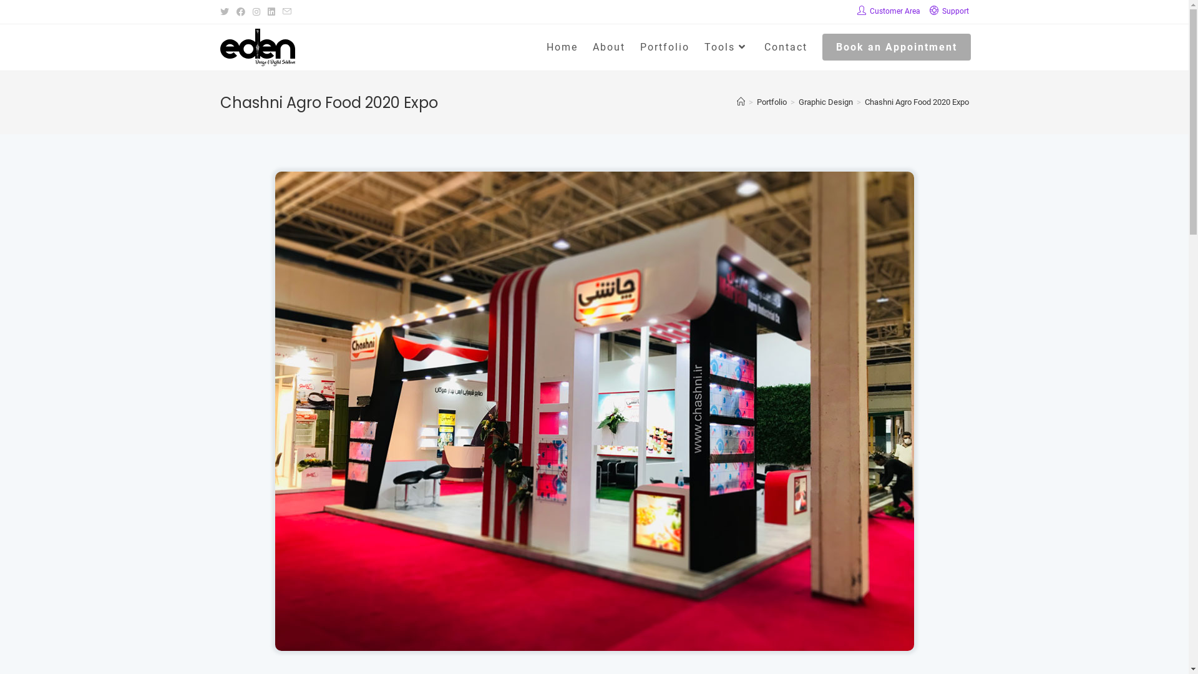  I want to click on 'Label Design', so click(500, 522).